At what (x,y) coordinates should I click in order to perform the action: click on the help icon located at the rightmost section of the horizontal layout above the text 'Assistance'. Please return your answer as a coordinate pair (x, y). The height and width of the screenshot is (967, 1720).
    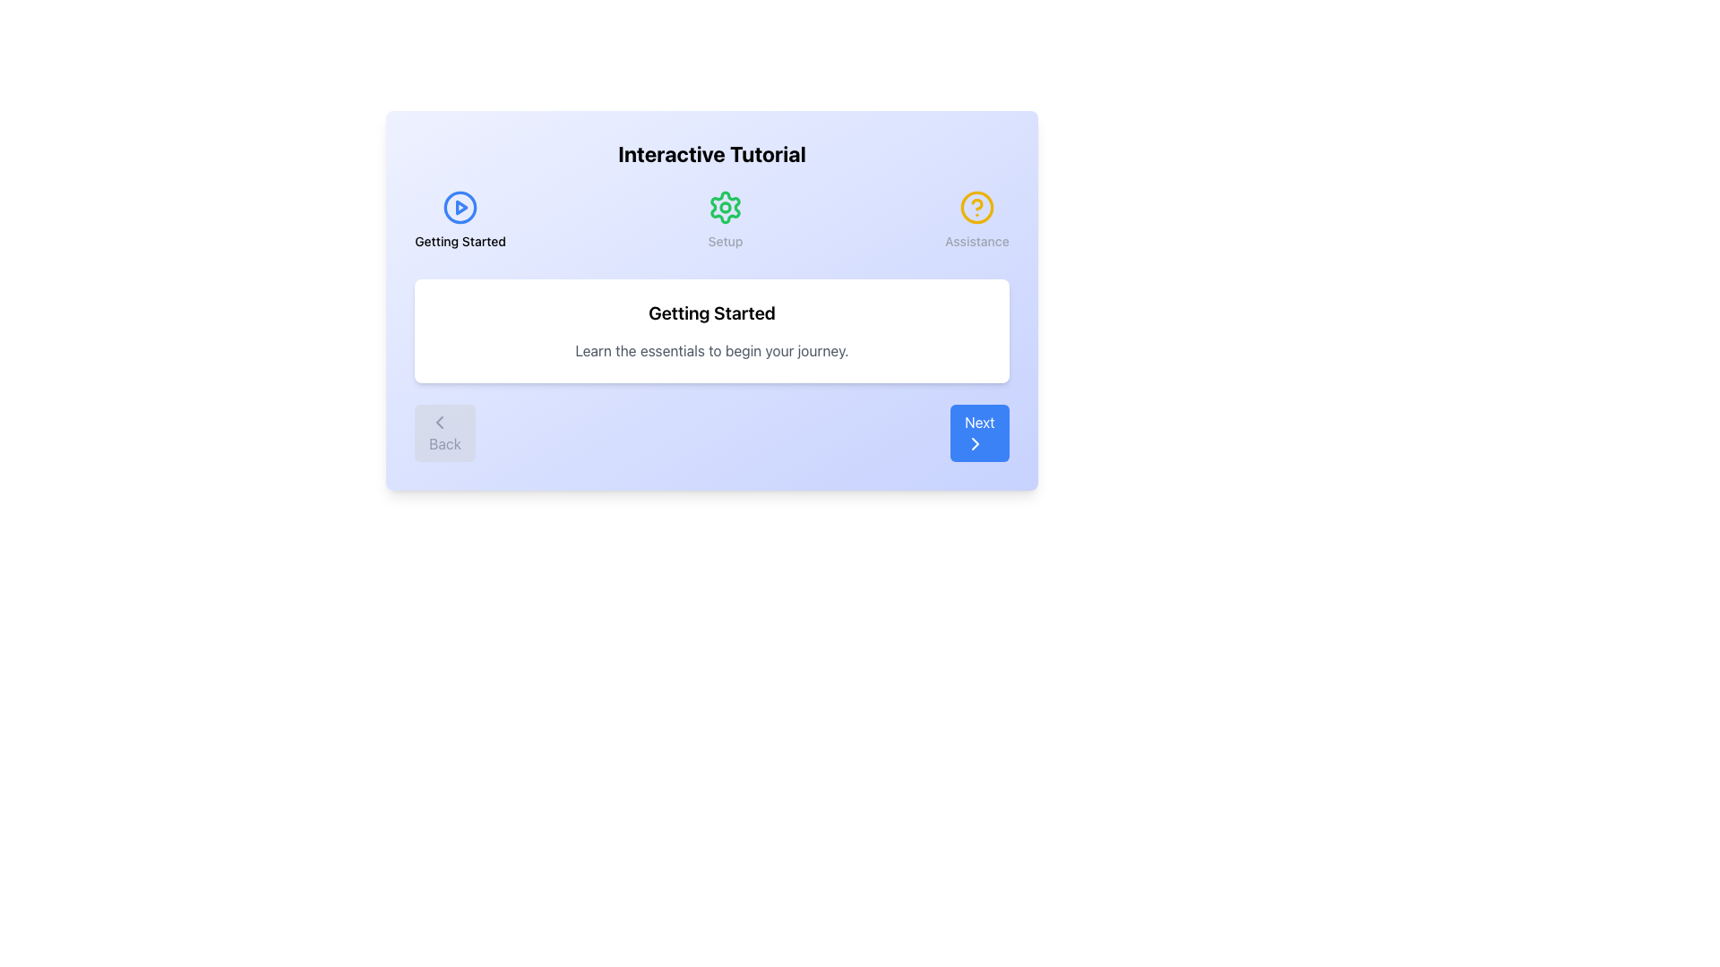
    Looking at the image, I should click on (976, 206).